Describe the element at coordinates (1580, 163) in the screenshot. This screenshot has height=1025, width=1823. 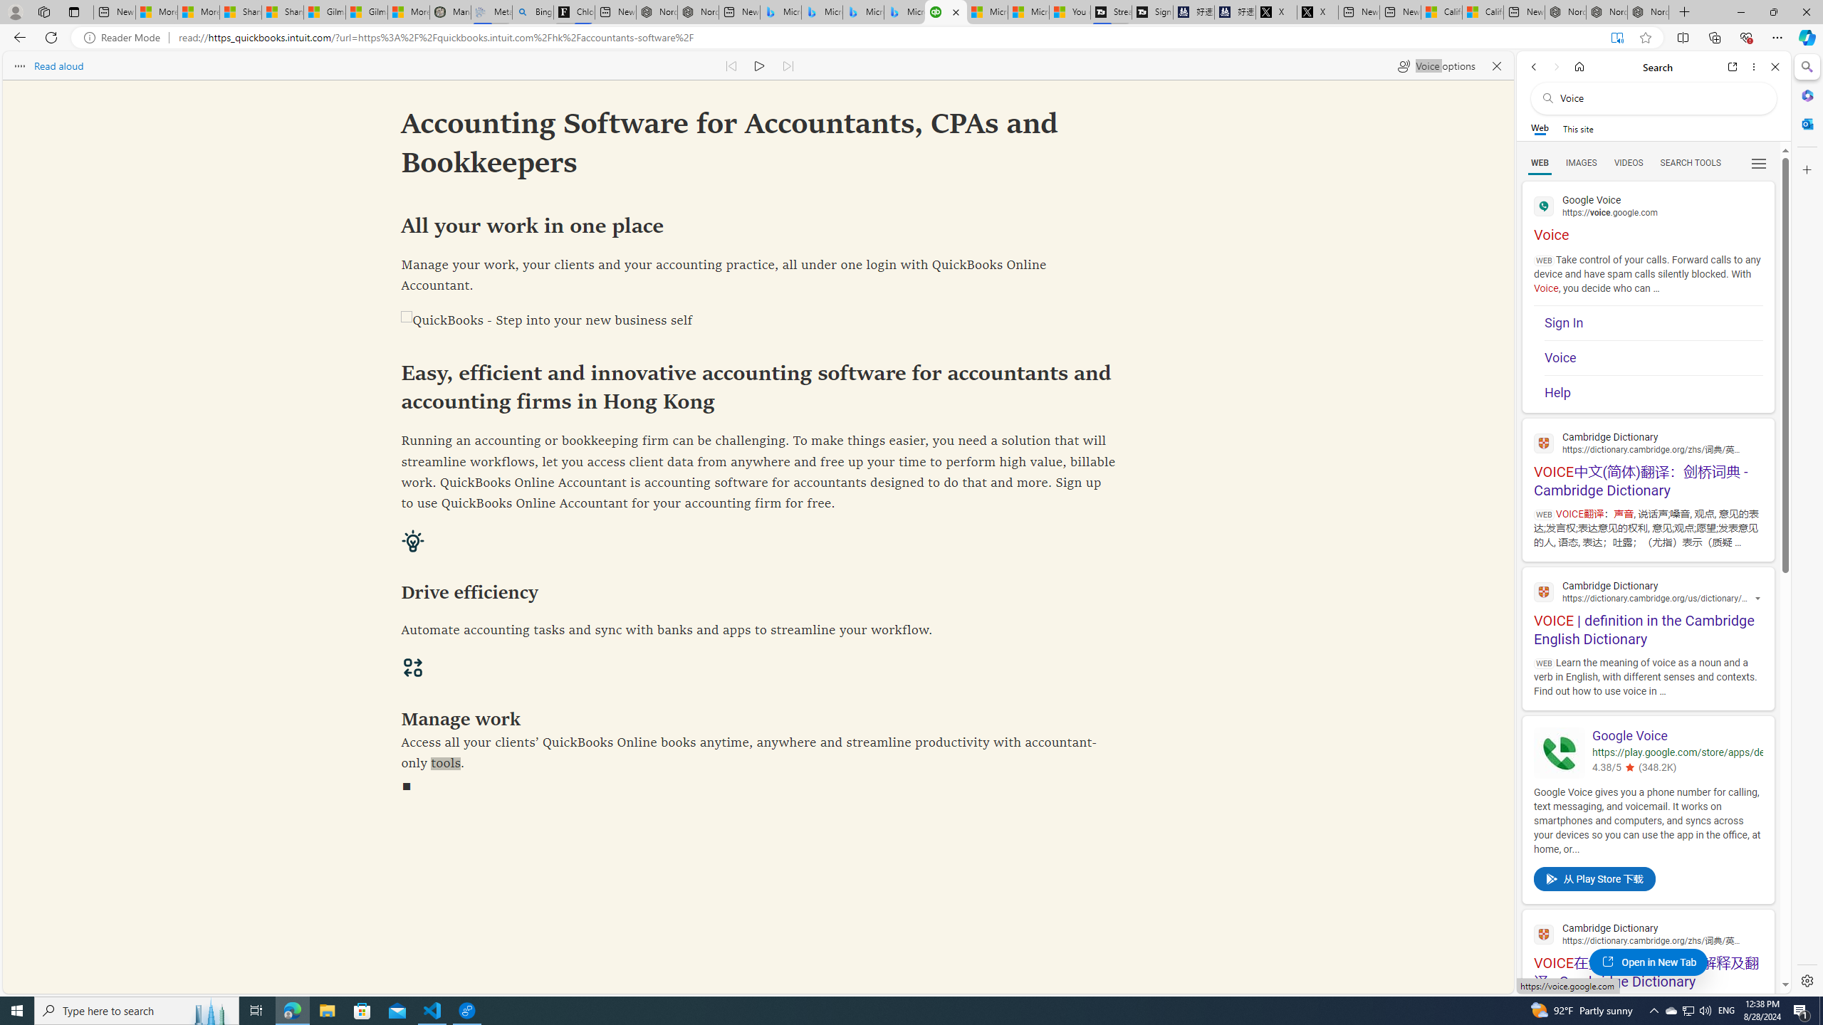
I see `'IMAGES'` at that location.